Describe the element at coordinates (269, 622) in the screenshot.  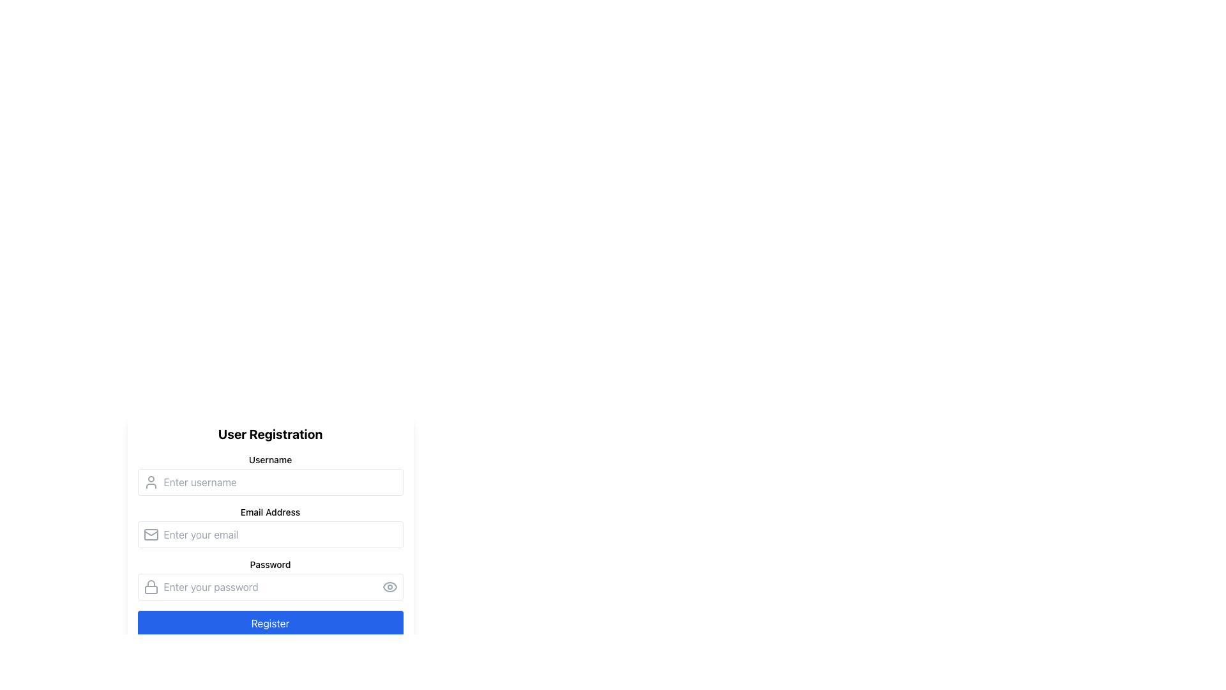
I see `the submit button located at the bottom of the user registration form` at that location.